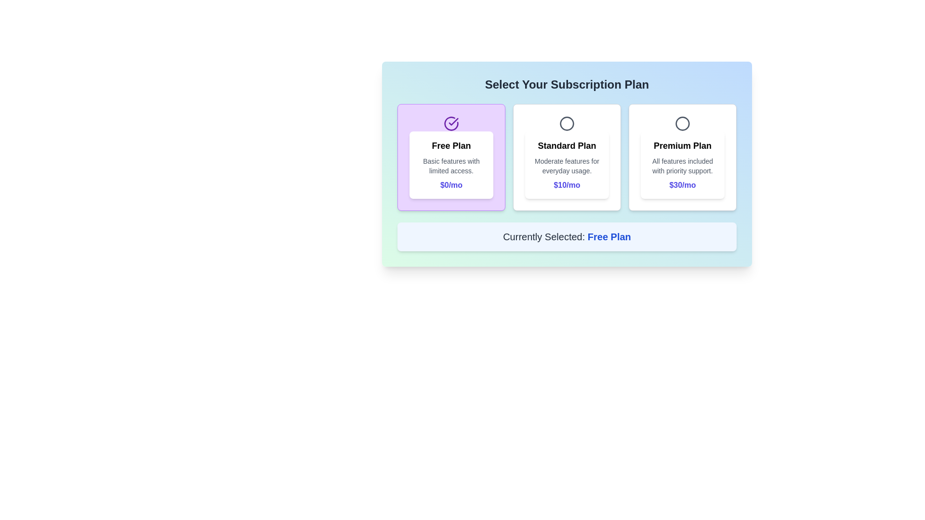 This screenshot has height=520, width=925. I want to click on the decorative SVG circle element located in the top-center of the Premium Plan card, which is the rightmost card among the three options, so click(682, 123).